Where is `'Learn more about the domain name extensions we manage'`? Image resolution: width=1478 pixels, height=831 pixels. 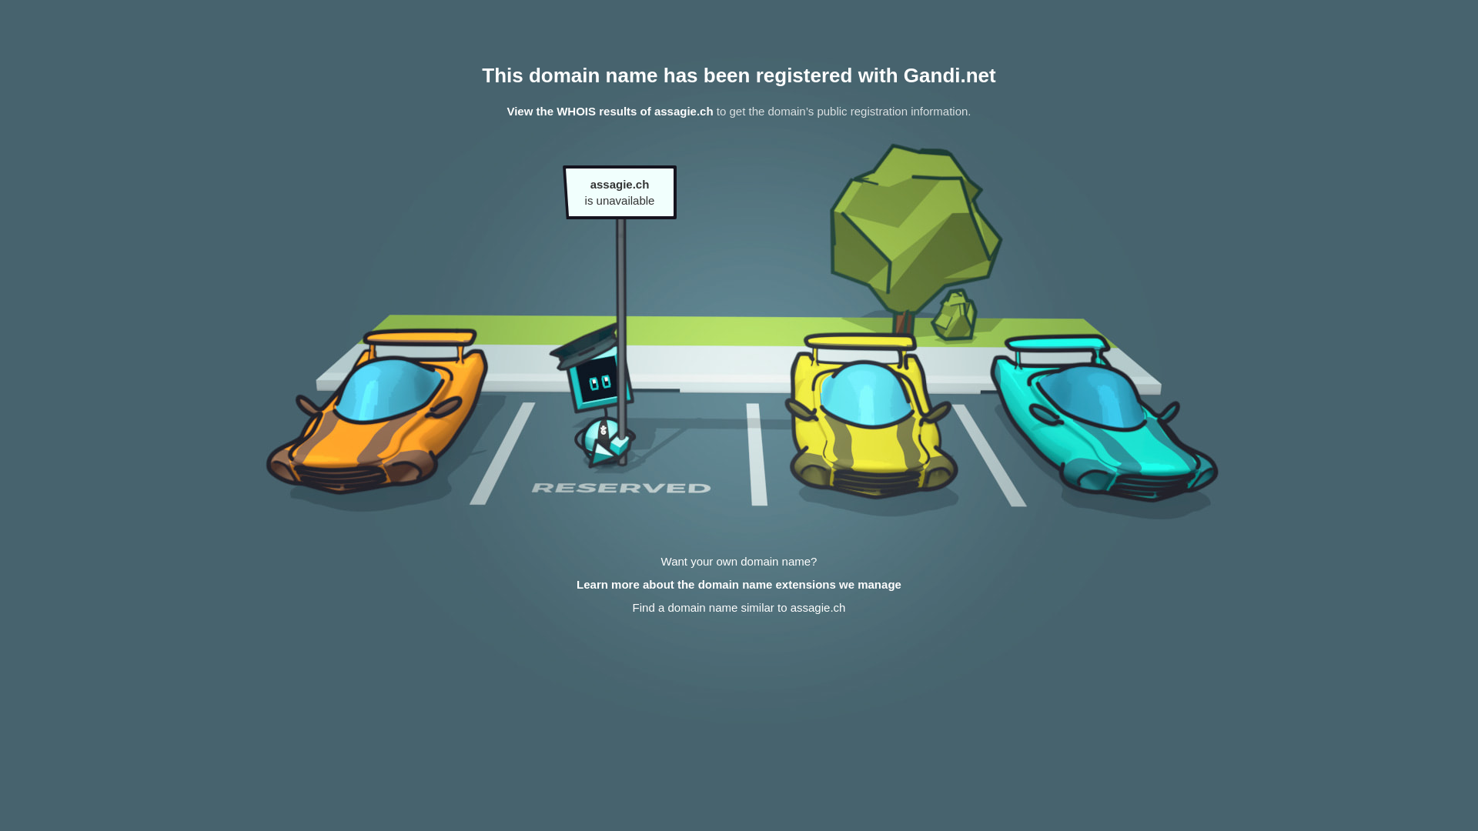 'Learn more about the domain name extensions we manage' is located at coordinates (739, 584).